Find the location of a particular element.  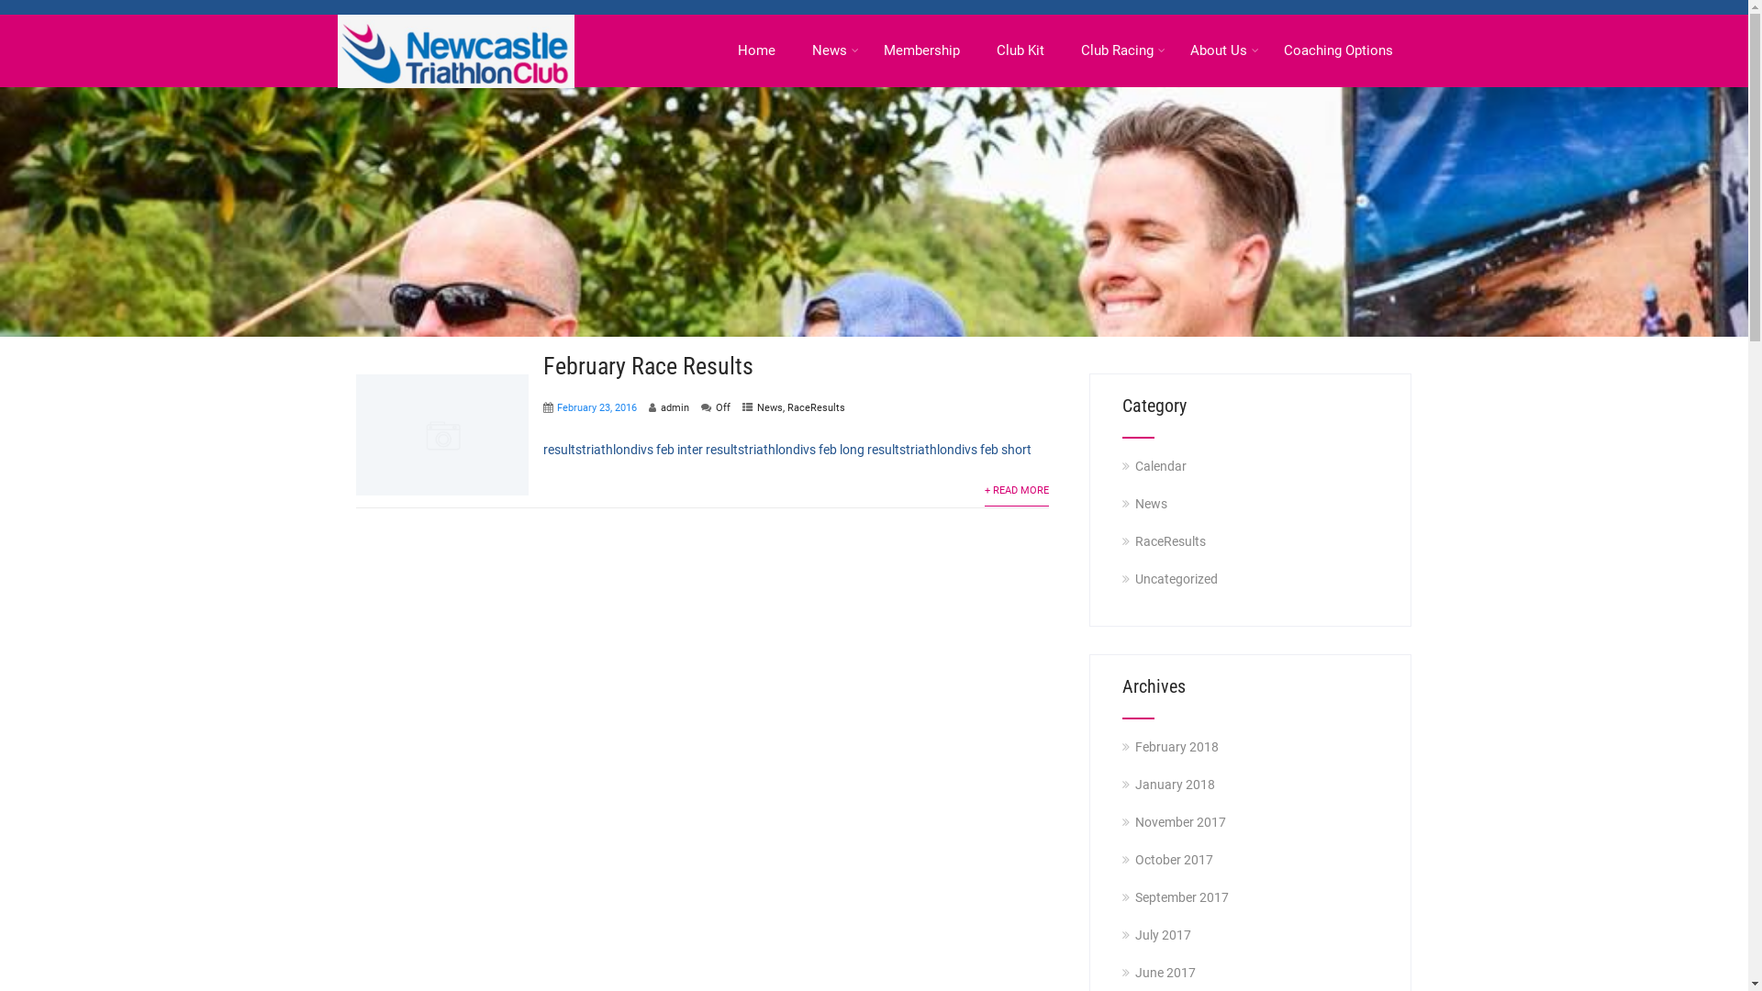

'Club Kit' is located at coordinates (1020, 50).